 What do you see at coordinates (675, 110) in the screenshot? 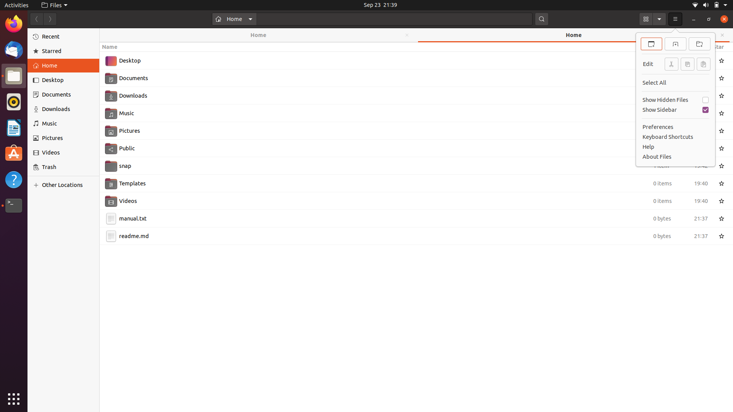
I see `Use keyboard and mouse to eliminate the sidebar` at bounding box center [675, 110].